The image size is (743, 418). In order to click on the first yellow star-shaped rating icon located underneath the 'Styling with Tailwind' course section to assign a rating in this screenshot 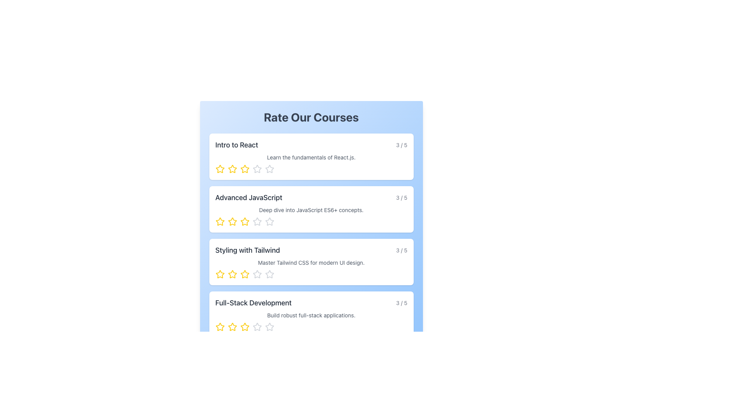, I will do `click(219, 274)`.